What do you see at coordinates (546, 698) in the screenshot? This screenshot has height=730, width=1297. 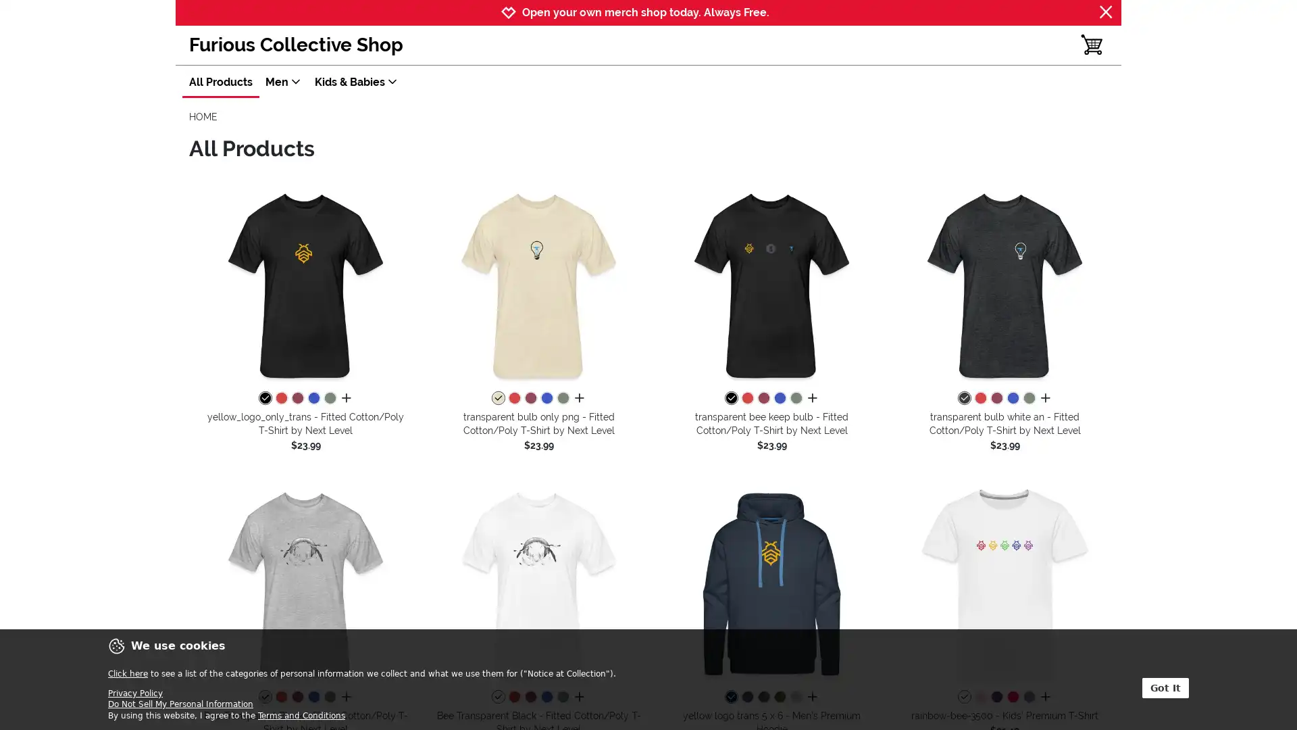 I see `heather royal` at bounding box center [546, 698].